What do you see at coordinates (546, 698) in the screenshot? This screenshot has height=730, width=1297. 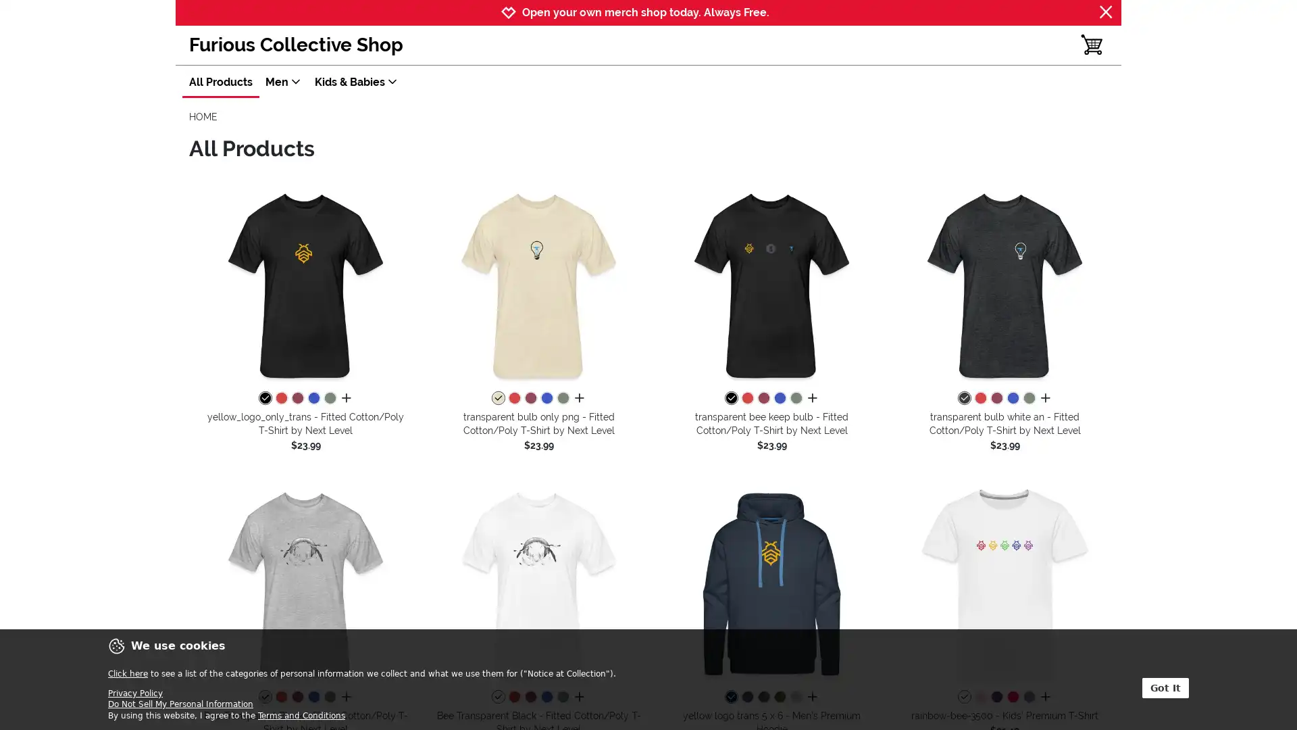 I see `heather royal` at bounding box center [546, 698].